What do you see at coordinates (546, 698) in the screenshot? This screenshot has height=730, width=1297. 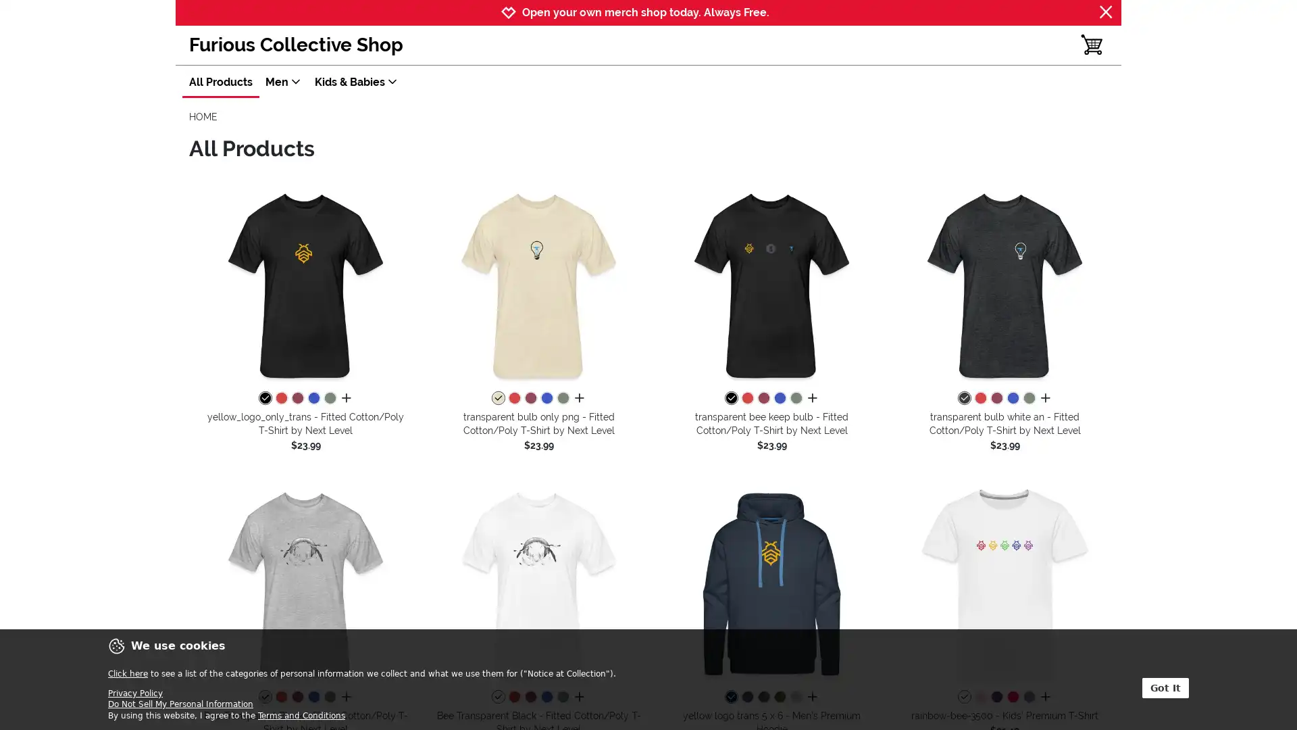 I see `heather royal` at bounding box center [546, 698].